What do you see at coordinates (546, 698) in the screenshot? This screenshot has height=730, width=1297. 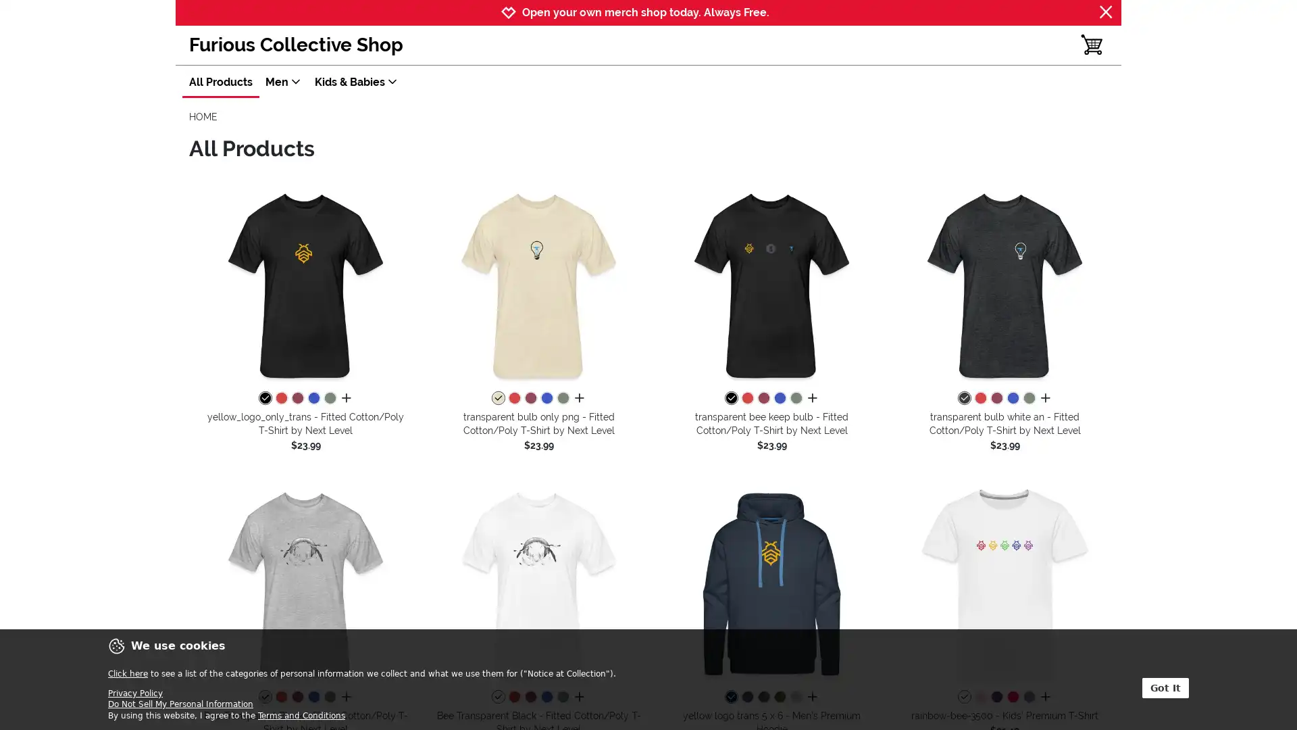 I see `heather royal` at bounding box center [546, 698].